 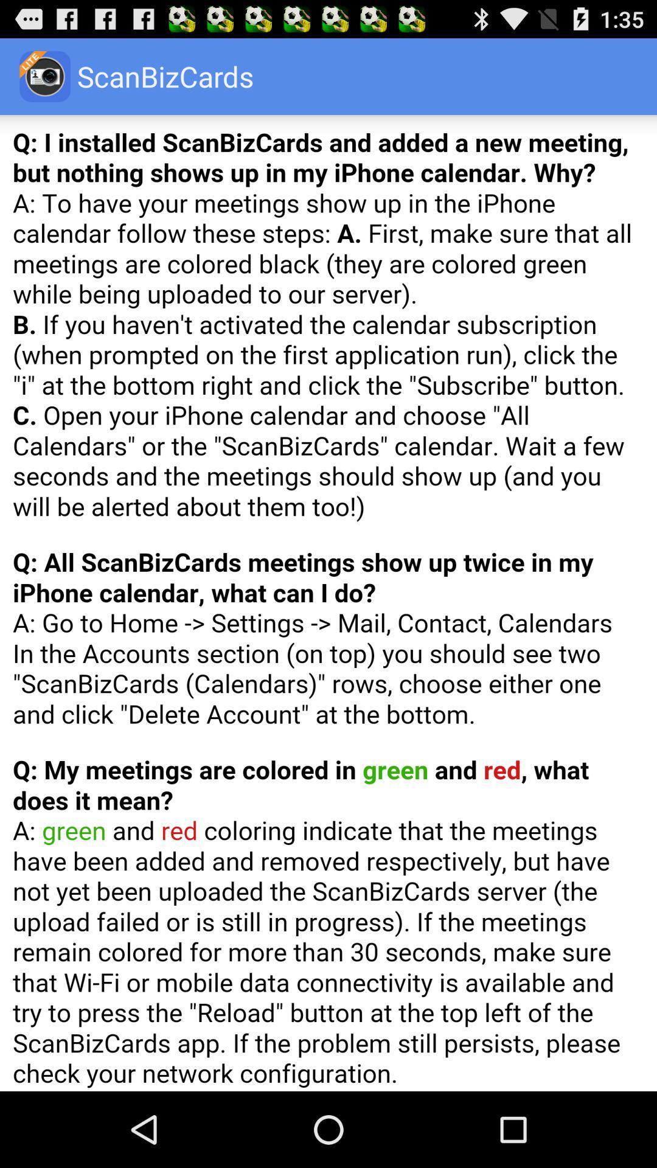 I want to click on advertisement page, so click(x=328, y=603).